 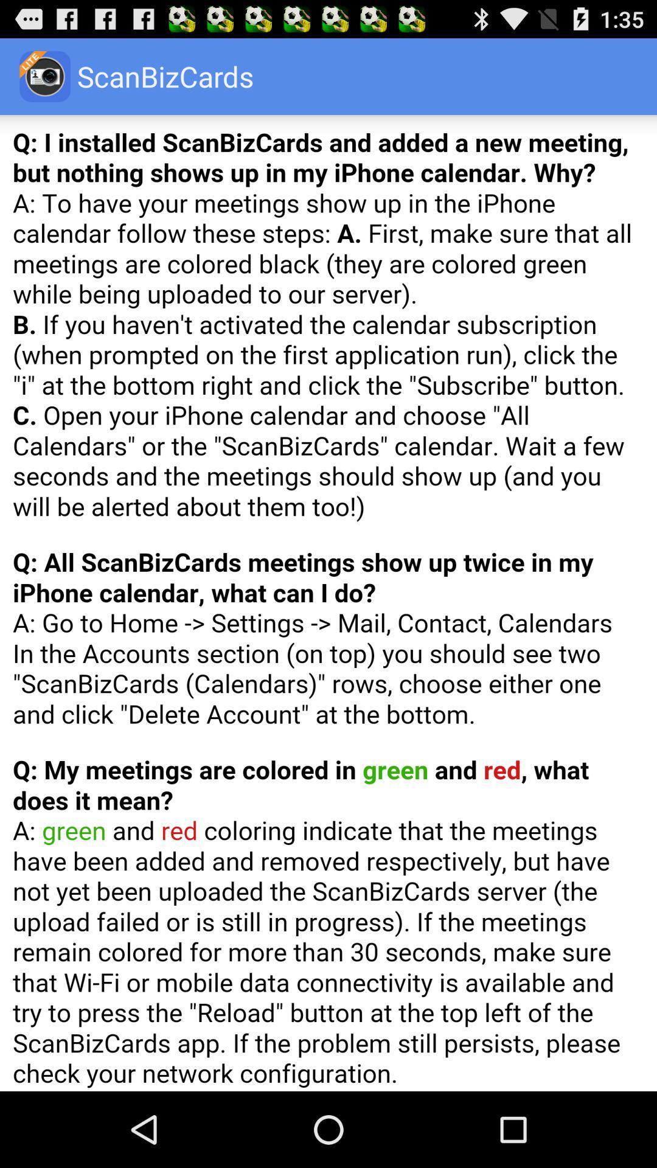 I want to click on advertisement page, so click(x=328, y=603).